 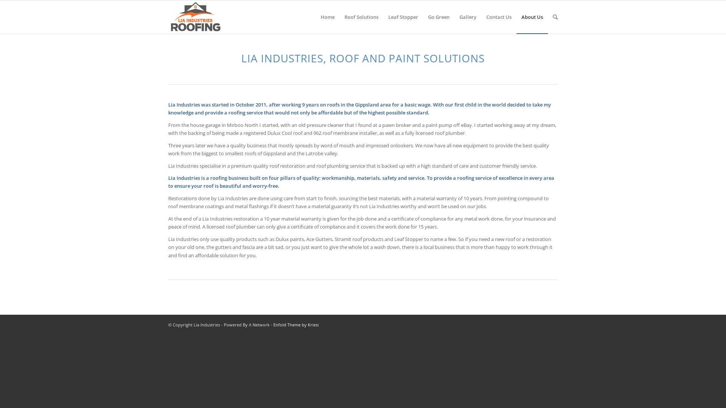 I want to click on 'Roof Solutions', so click(x=339, y=17).